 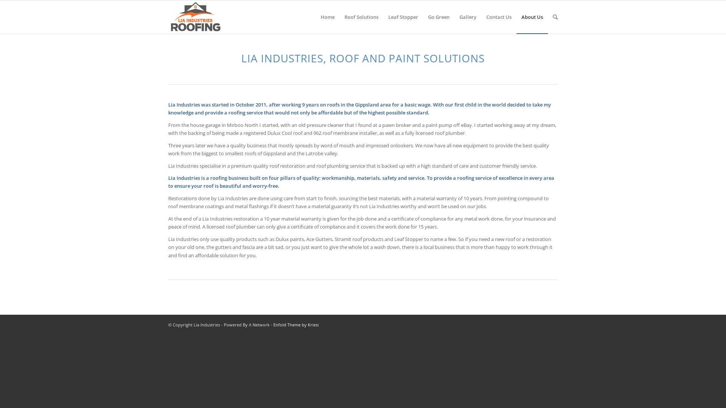 I want to click on 'Roof Solutions', so click(x=339, y=17).